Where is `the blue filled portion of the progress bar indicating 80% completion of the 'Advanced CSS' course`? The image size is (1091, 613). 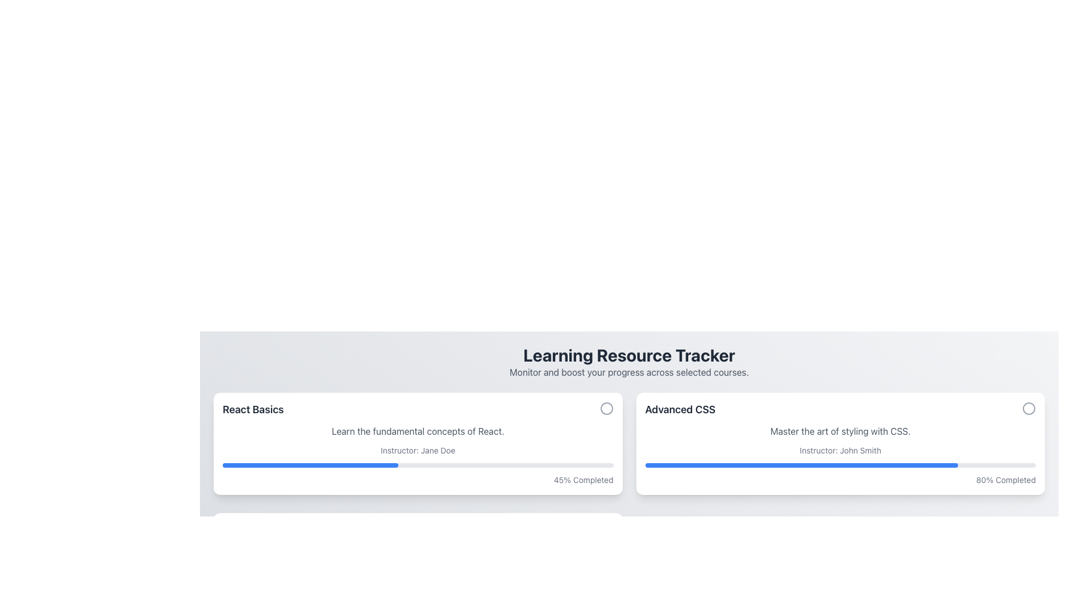 the blue filled portion of the progress bar indicating 80% completion of the 'Advanced CSS' course is located at coordinates (801, 465).